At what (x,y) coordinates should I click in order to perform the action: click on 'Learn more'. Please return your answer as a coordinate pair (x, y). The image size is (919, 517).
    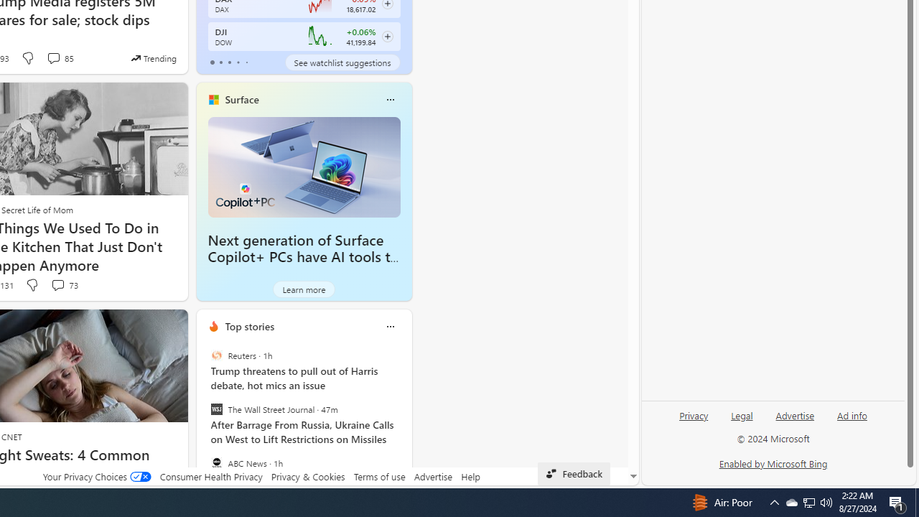
    Looking at the image, I should click on (303, 289).